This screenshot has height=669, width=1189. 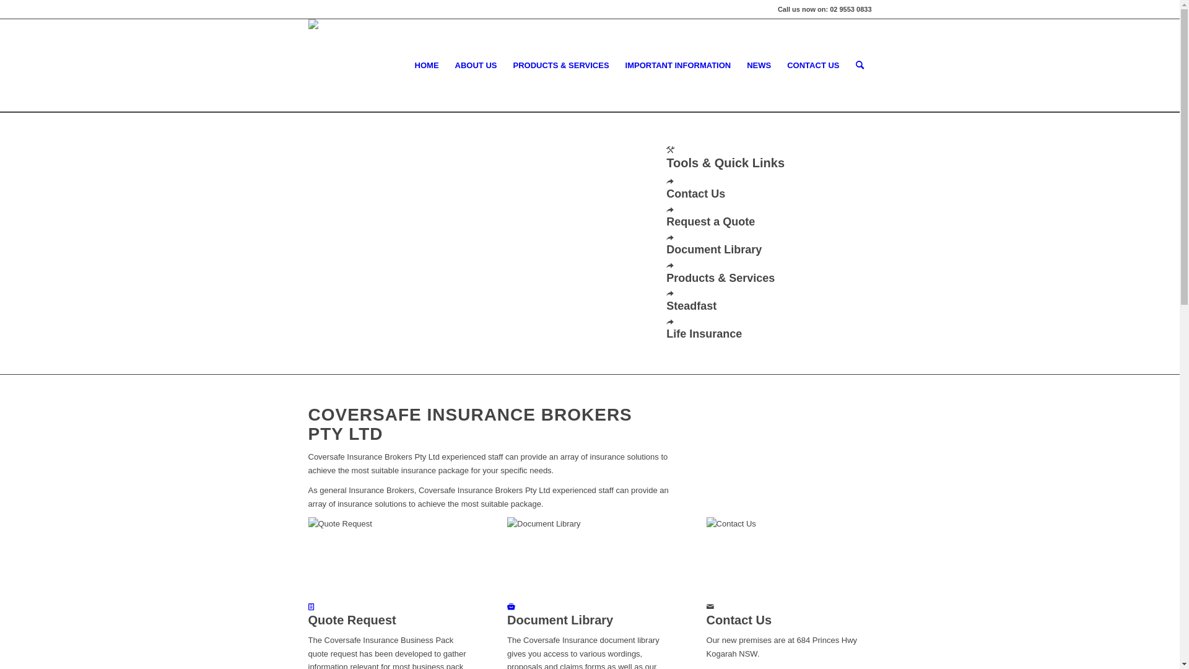 I want to click on 'Document Library', so click(x=589, y=558).